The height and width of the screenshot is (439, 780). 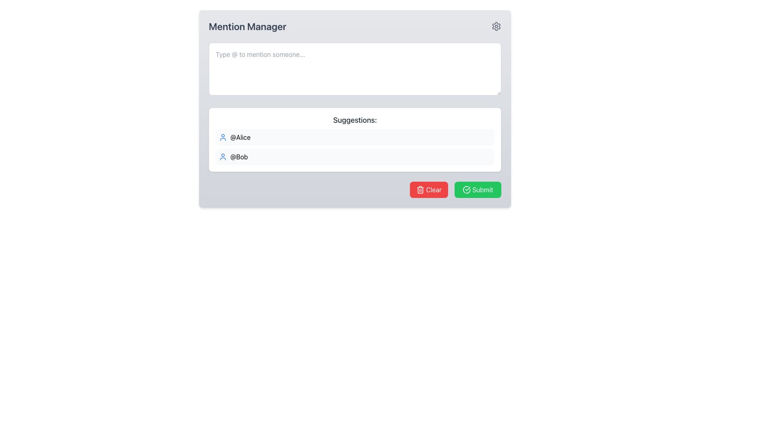 I want to click on the red 'Clear' button with a trash bin icon, so click(x=428, y=189).